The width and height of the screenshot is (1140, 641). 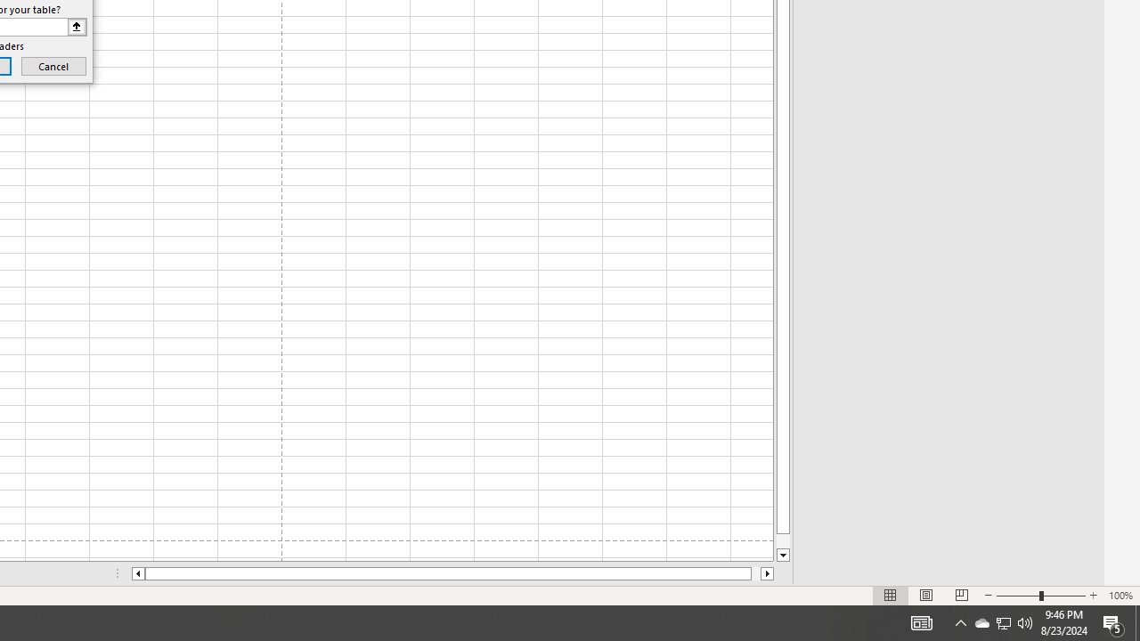 What do you see at coordinates (1040, 596) in the screenshot?
I see `'Zoom'` at bounding box center [1040, 596].